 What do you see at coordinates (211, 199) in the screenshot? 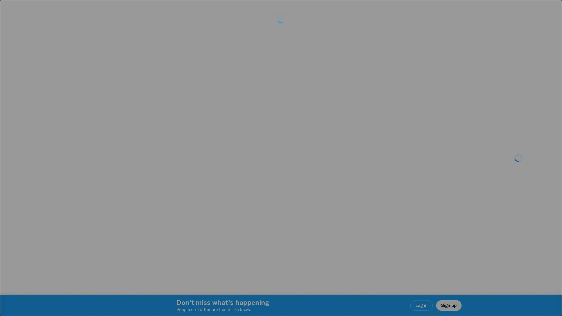
I see `Sign up` at bounding box center [211, 199].